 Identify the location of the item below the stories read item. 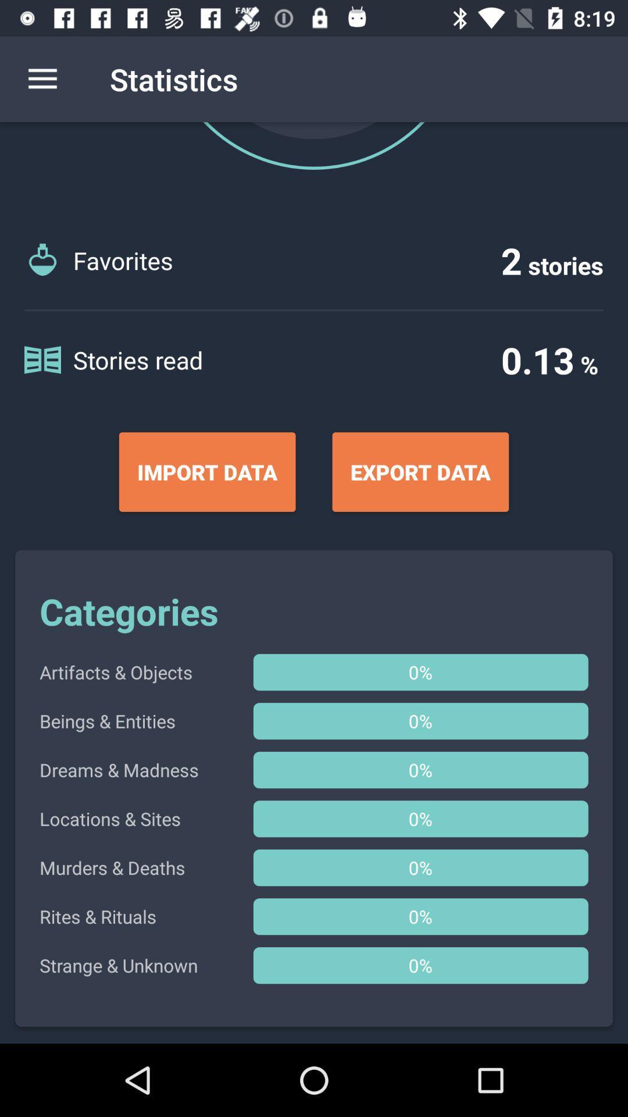
(206, 472).